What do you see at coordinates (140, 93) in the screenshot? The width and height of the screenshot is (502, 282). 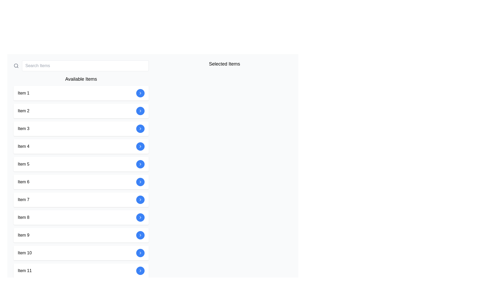 I see `the rightward-pointing chevron icon inside the circular blue button adjacent to 'Item 1' in the 'Available Items' section to initiate a transition or navigation` at bounding box center [140, 93].